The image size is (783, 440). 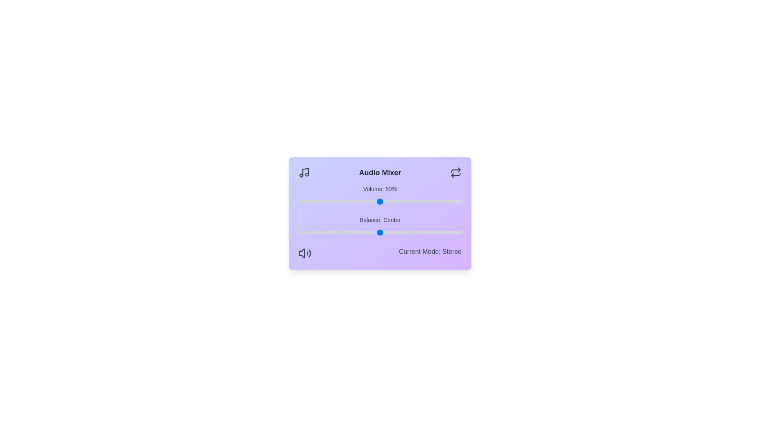 What do you see at coordinates (349, 201) in the screenshot?
I see `the volume to 31%` at bounding box center [349, 201].